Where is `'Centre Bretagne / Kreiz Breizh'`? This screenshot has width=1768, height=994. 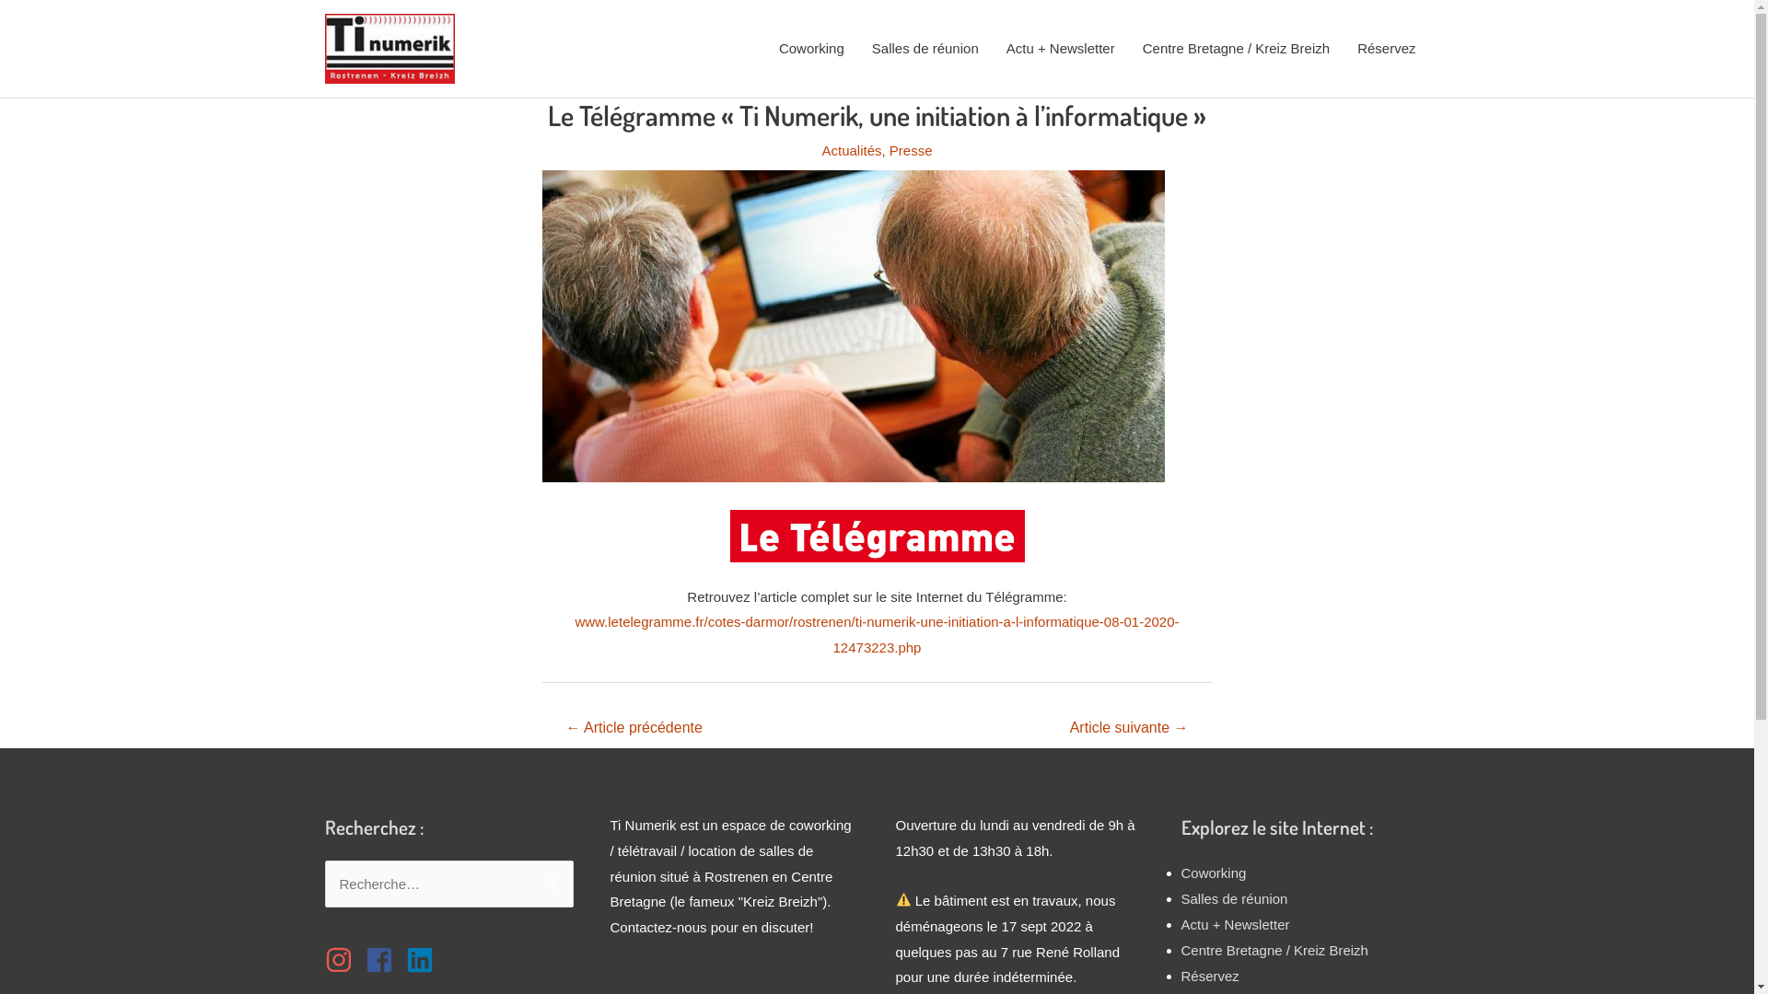
'Centre Bretagne / Kreiz Breizh' is located at coordinates (1236, 48).